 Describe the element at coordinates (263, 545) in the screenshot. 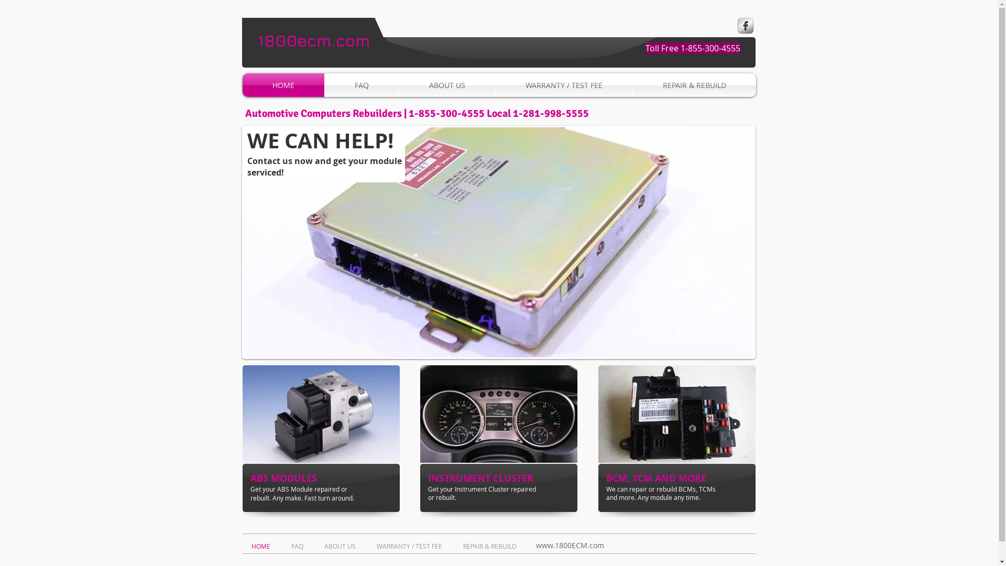

I see `'HOME'` at that location.